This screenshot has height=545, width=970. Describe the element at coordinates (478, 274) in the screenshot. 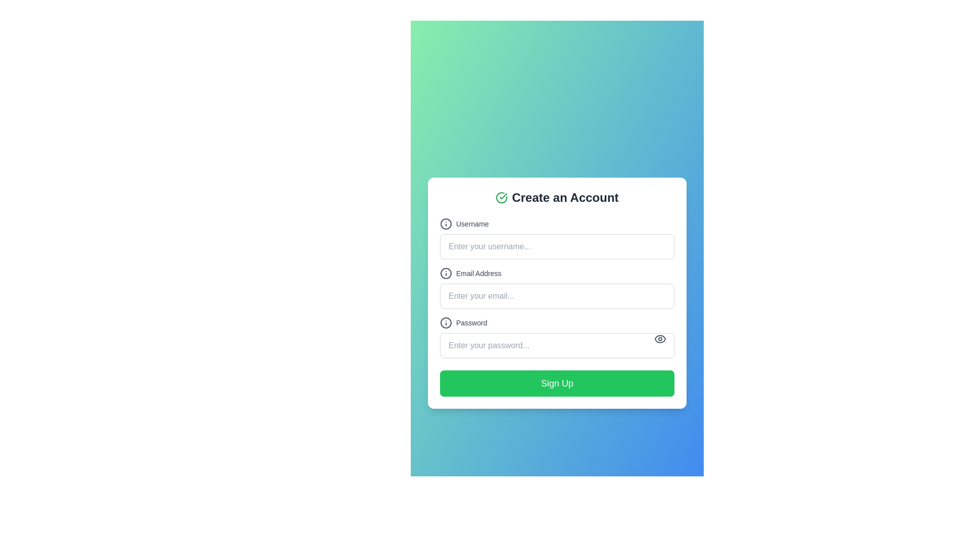

I see `the text label reading 'Email Address', which is styled in a small gray font and positioned between an information icon and an email input box` at that location.